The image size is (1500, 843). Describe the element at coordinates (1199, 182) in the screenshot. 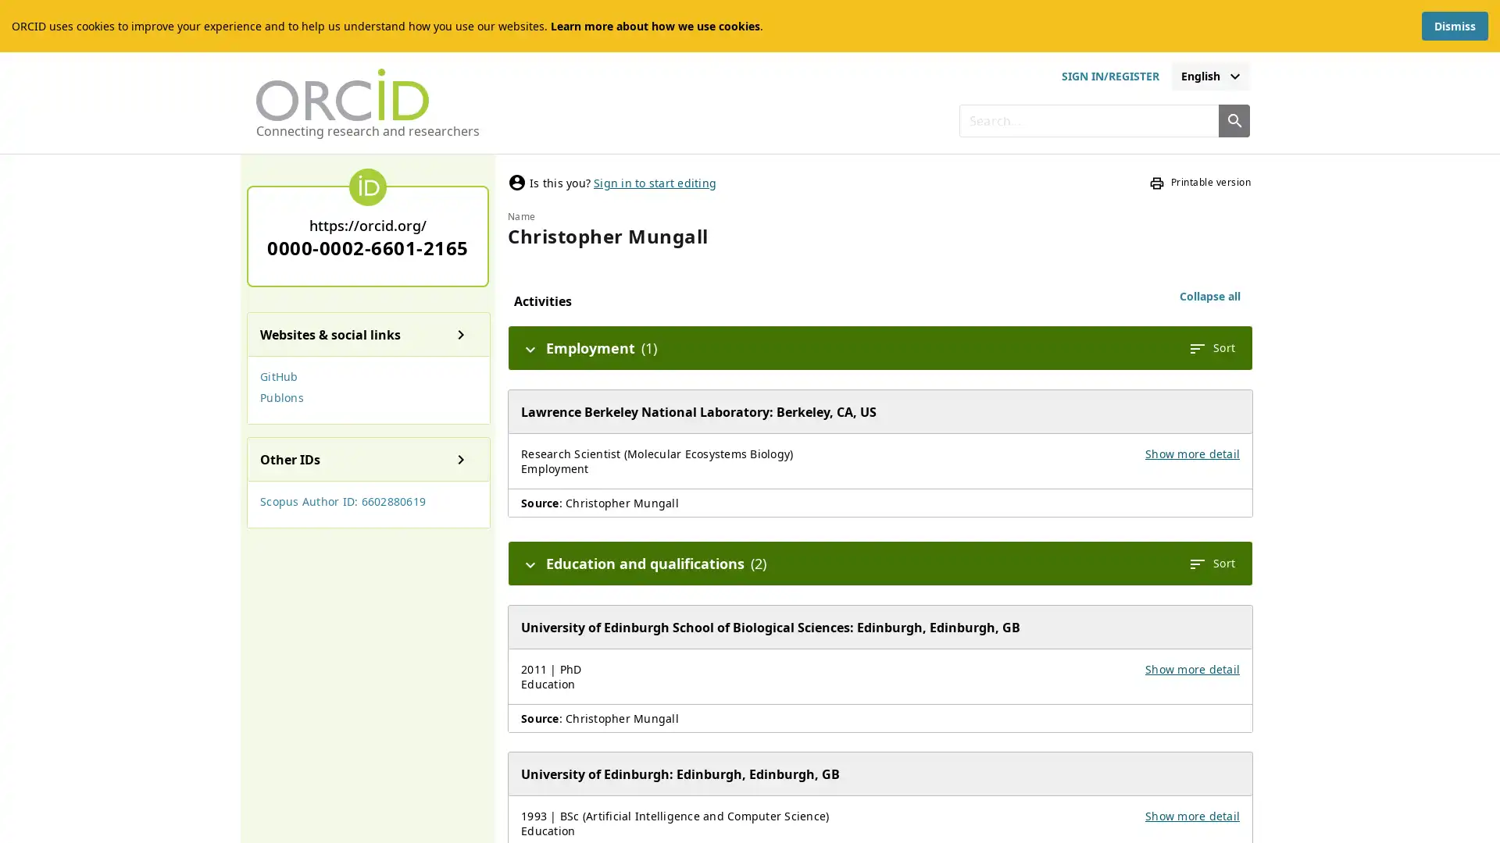

I see `Printable version` at that location.